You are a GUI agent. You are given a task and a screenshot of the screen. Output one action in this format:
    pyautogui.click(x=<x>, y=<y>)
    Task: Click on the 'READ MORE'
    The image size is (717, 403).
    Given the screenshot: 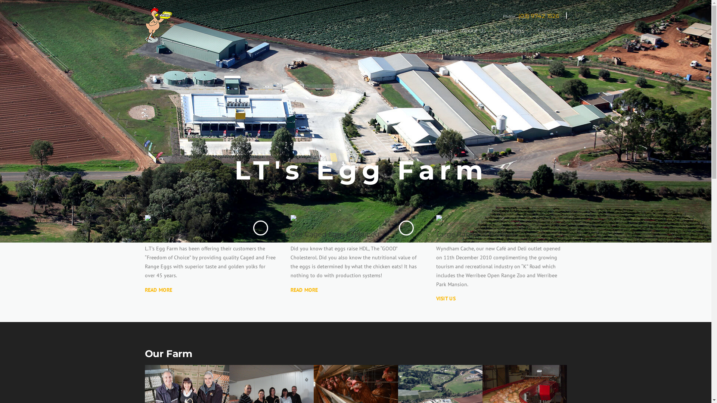 What is the action you would take?
    pyautogui.click(x=158, y=289)
    